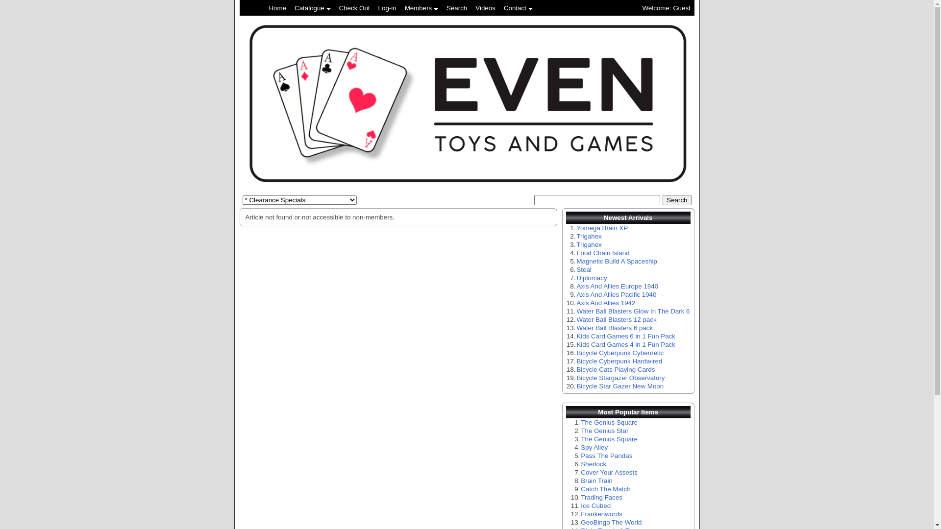 The image size is (941, 529). Describe the element at coordinates (619, 385) in the screenshot. I see `'Bicycle Star Gazer New Moon'` at that location.